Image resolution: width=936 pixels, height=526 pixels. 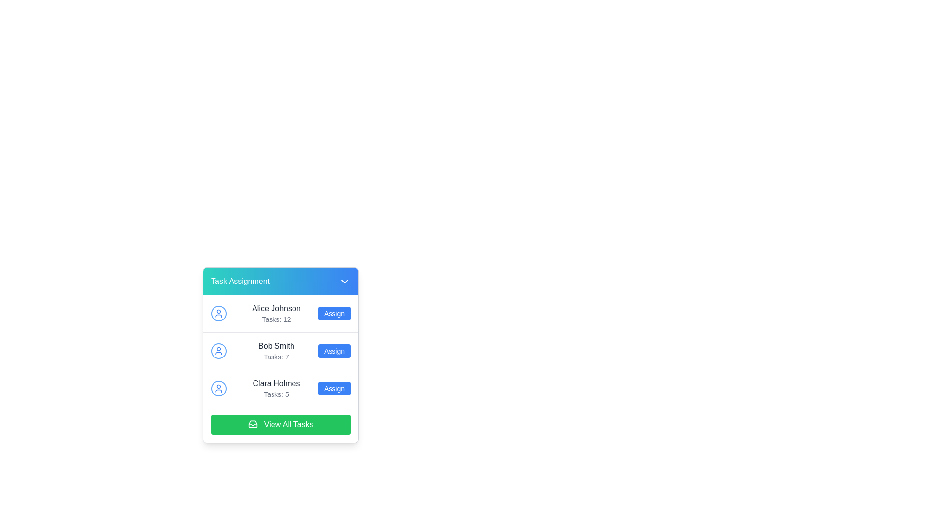 I want to click on the 'View All Tasks' button, which is a vibrant green rectangular button located at the bottom of the 'Task Assignment' panel, featuring an inbox icon and white text, so click(x=280, y=424).